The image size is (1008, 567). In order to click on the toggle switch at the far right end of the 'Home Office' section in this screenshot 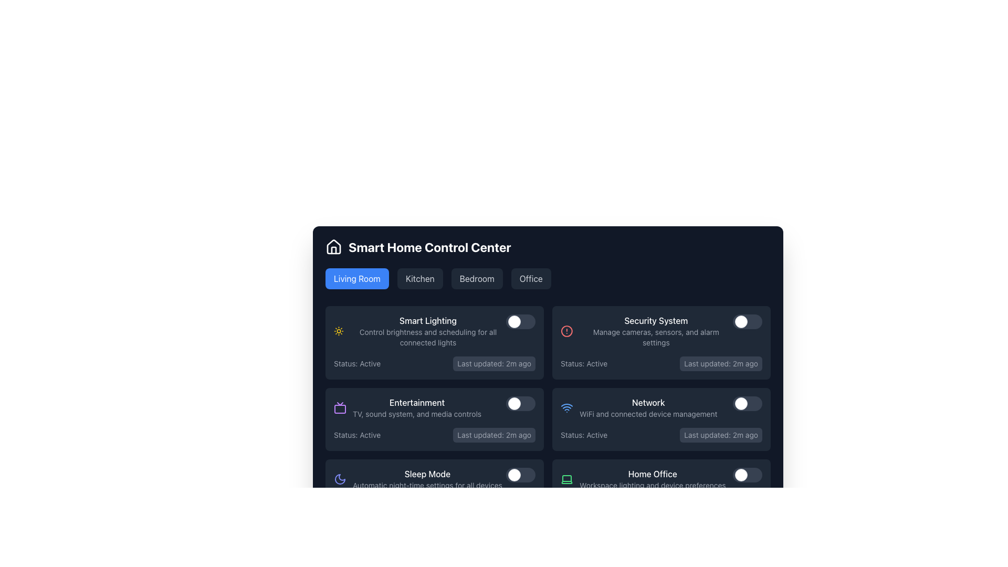, I will do `click(747, 475)`.